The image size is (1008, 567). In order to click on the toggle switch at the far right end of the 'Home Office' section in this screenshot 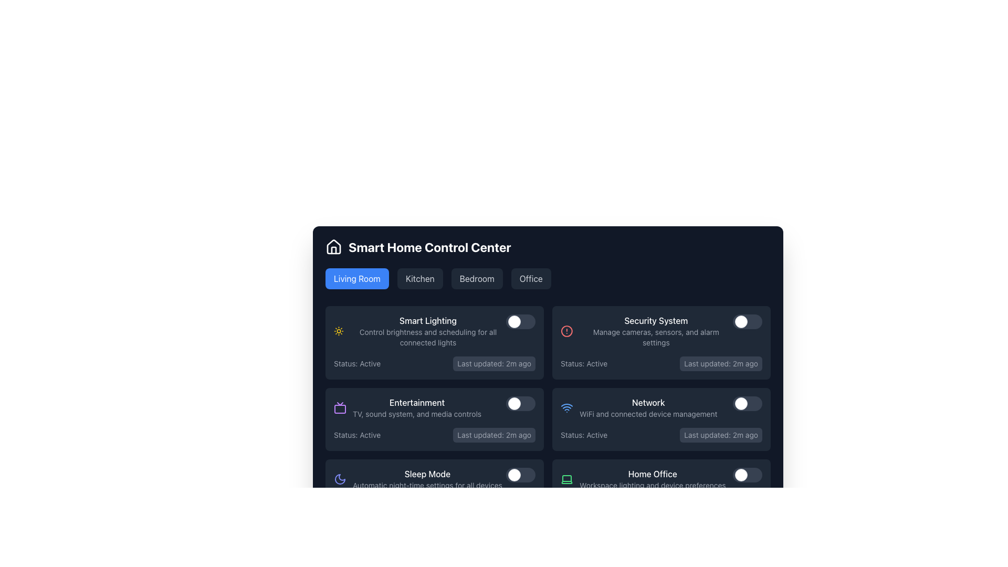, I will do `click(747, 475)`.